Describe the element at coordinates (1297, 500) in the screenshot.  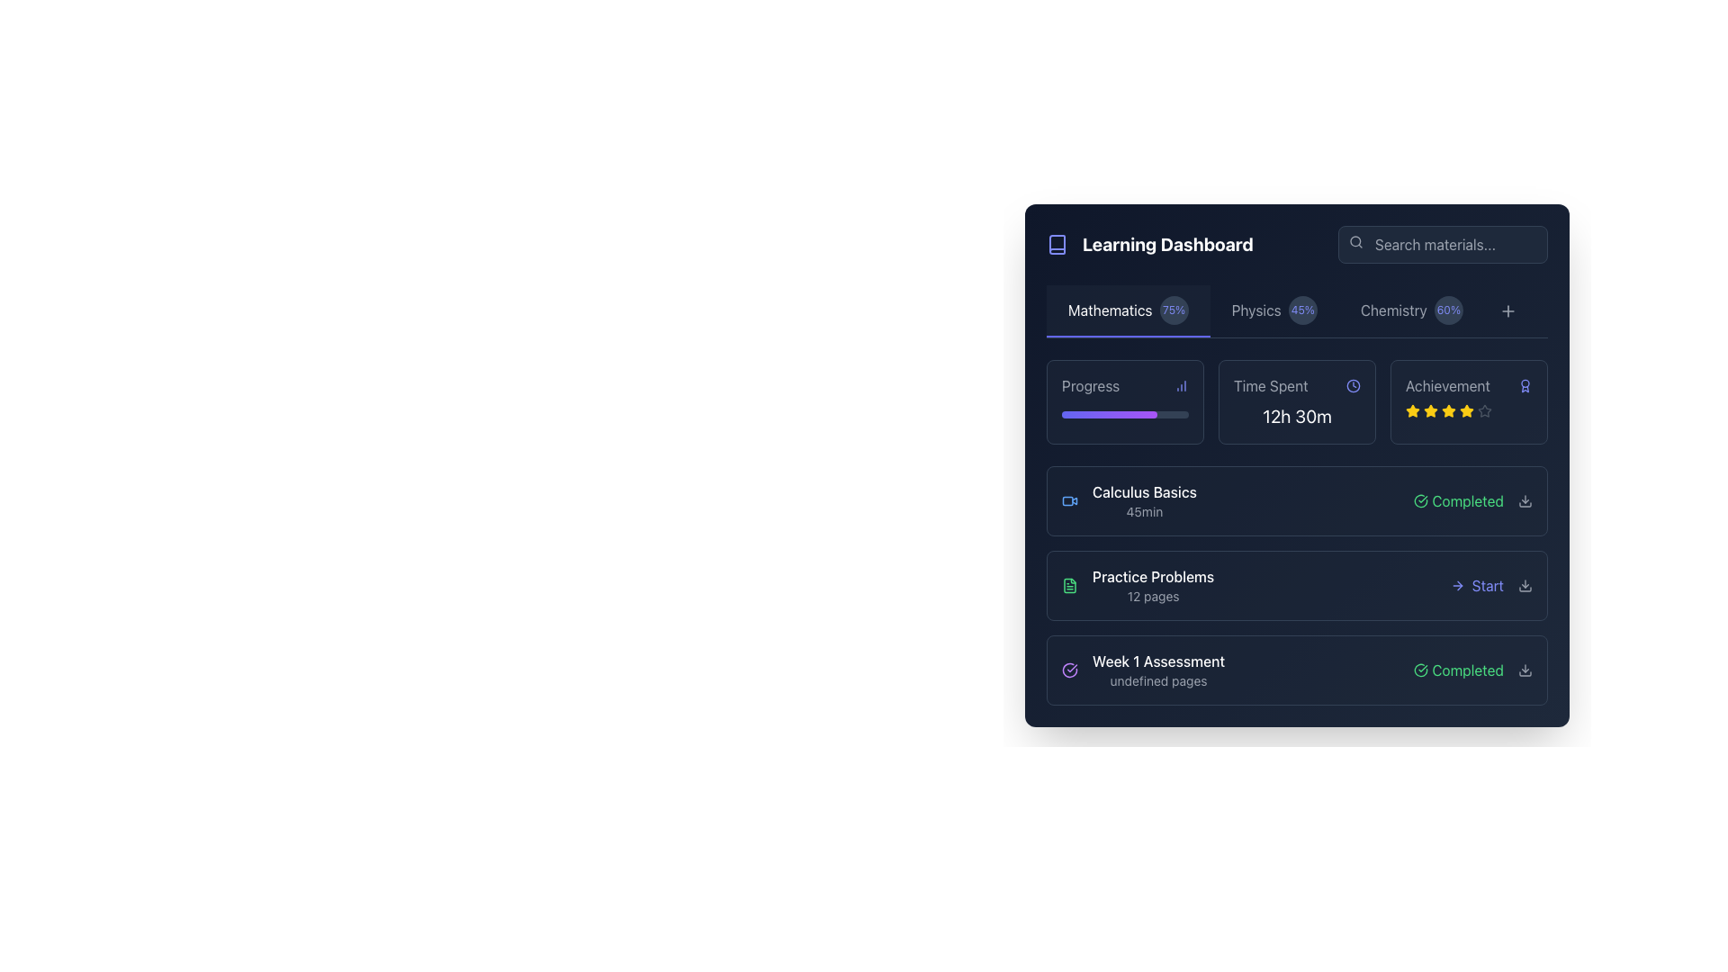
I see `the 'Calculus Basics' module card in the learning dashboard` at that location.